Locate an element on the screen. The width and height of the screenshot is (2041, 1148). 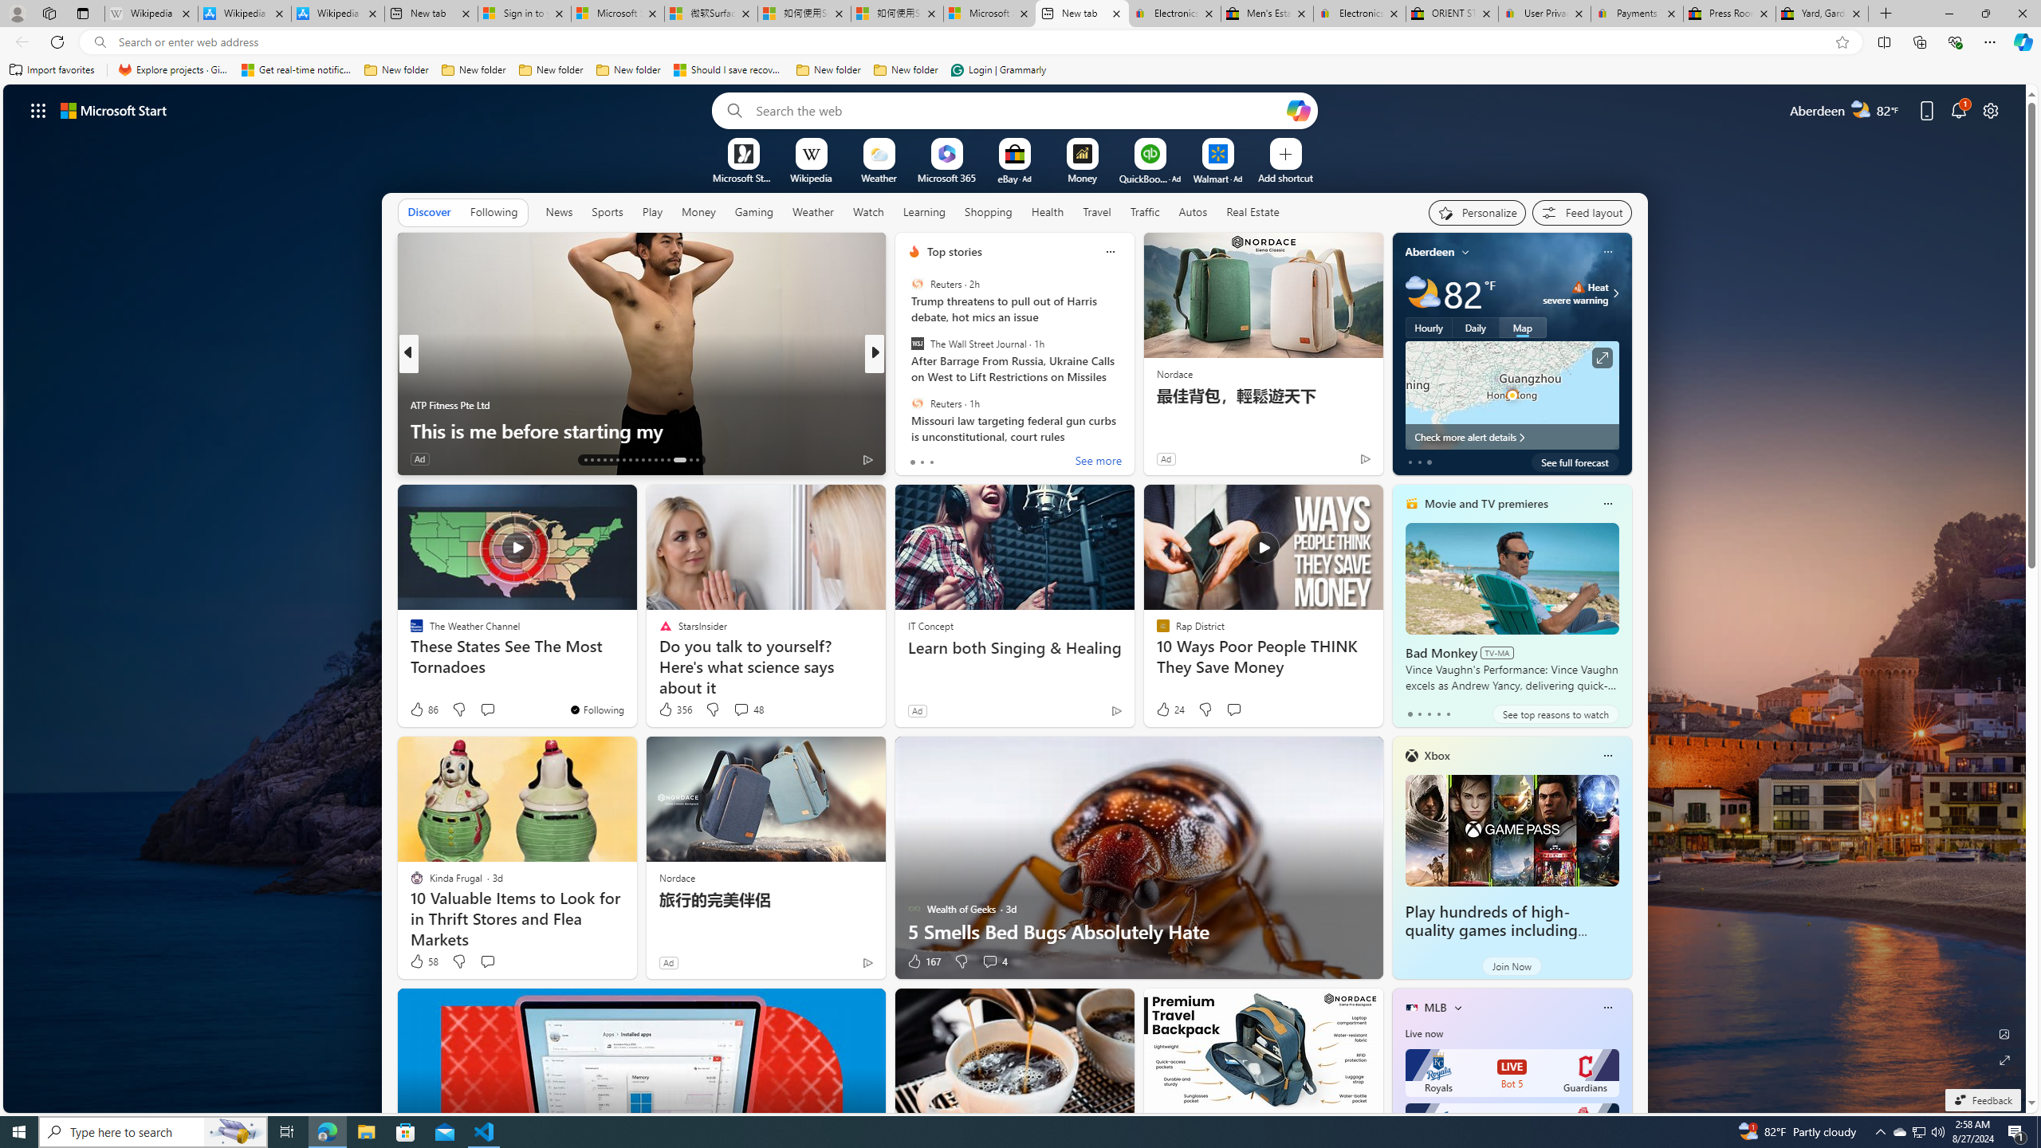
'AutomationID: tab-19' is located at coordinates (623, 460).